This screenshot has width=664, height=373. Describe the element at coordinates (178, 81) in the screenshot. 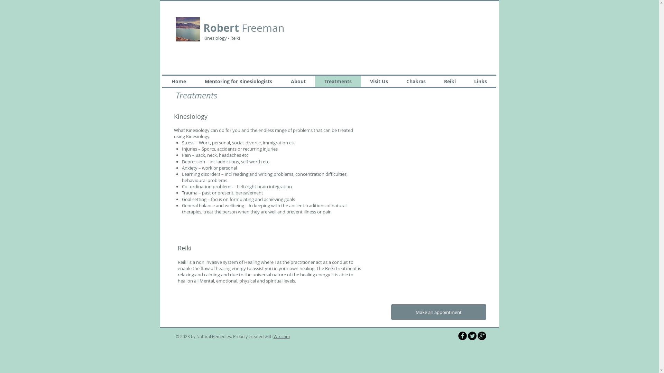

I see `'Home'` at that location.